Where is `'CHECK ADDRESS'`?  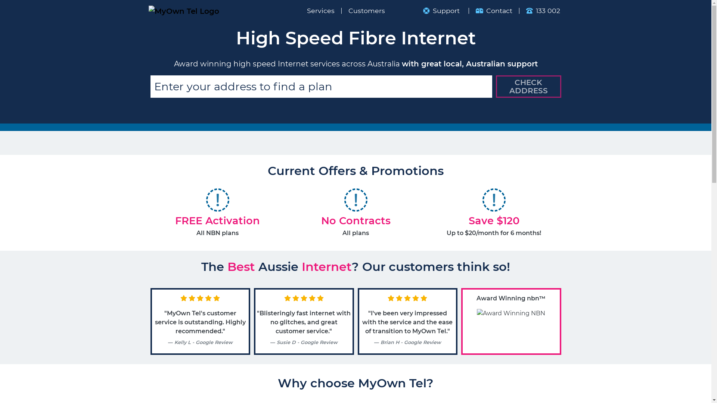
'CHECK ADDRESS' is located at coordinates (528, 86).